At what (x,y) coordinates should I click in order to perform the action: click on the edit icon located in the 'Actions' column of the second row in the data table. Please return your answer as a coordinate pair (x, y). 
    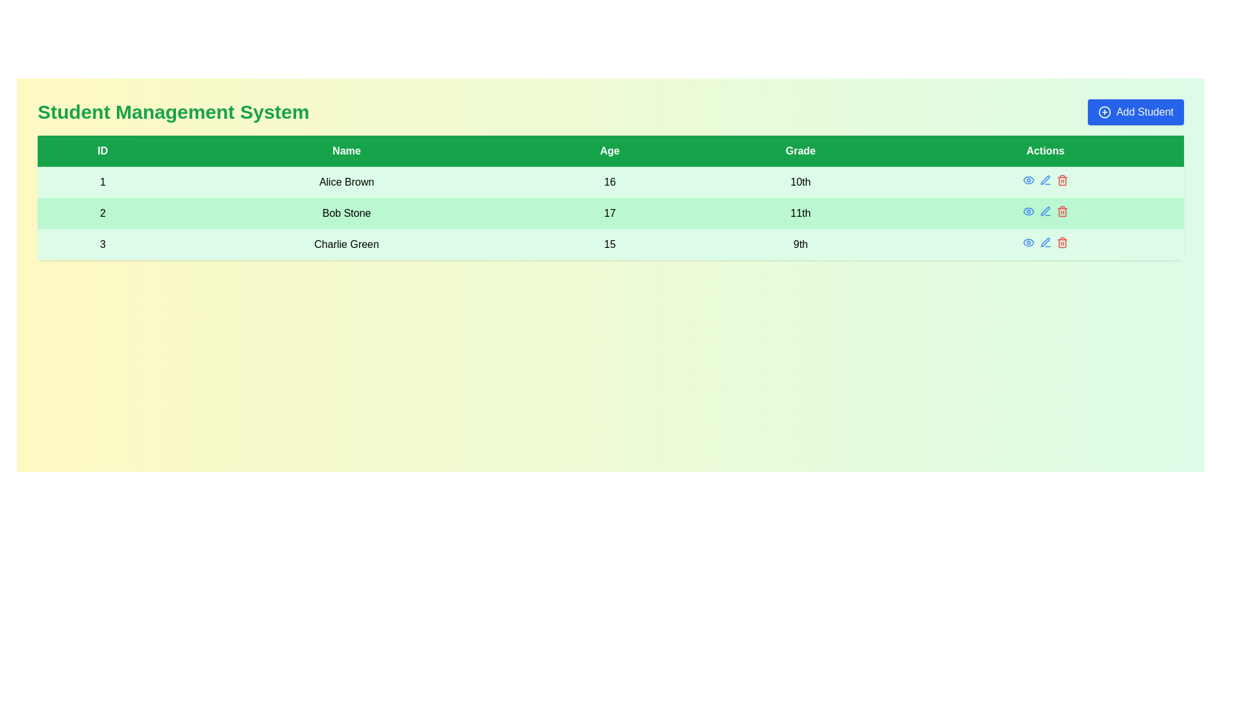
    Looking at the image, I should click on (1045, 180).